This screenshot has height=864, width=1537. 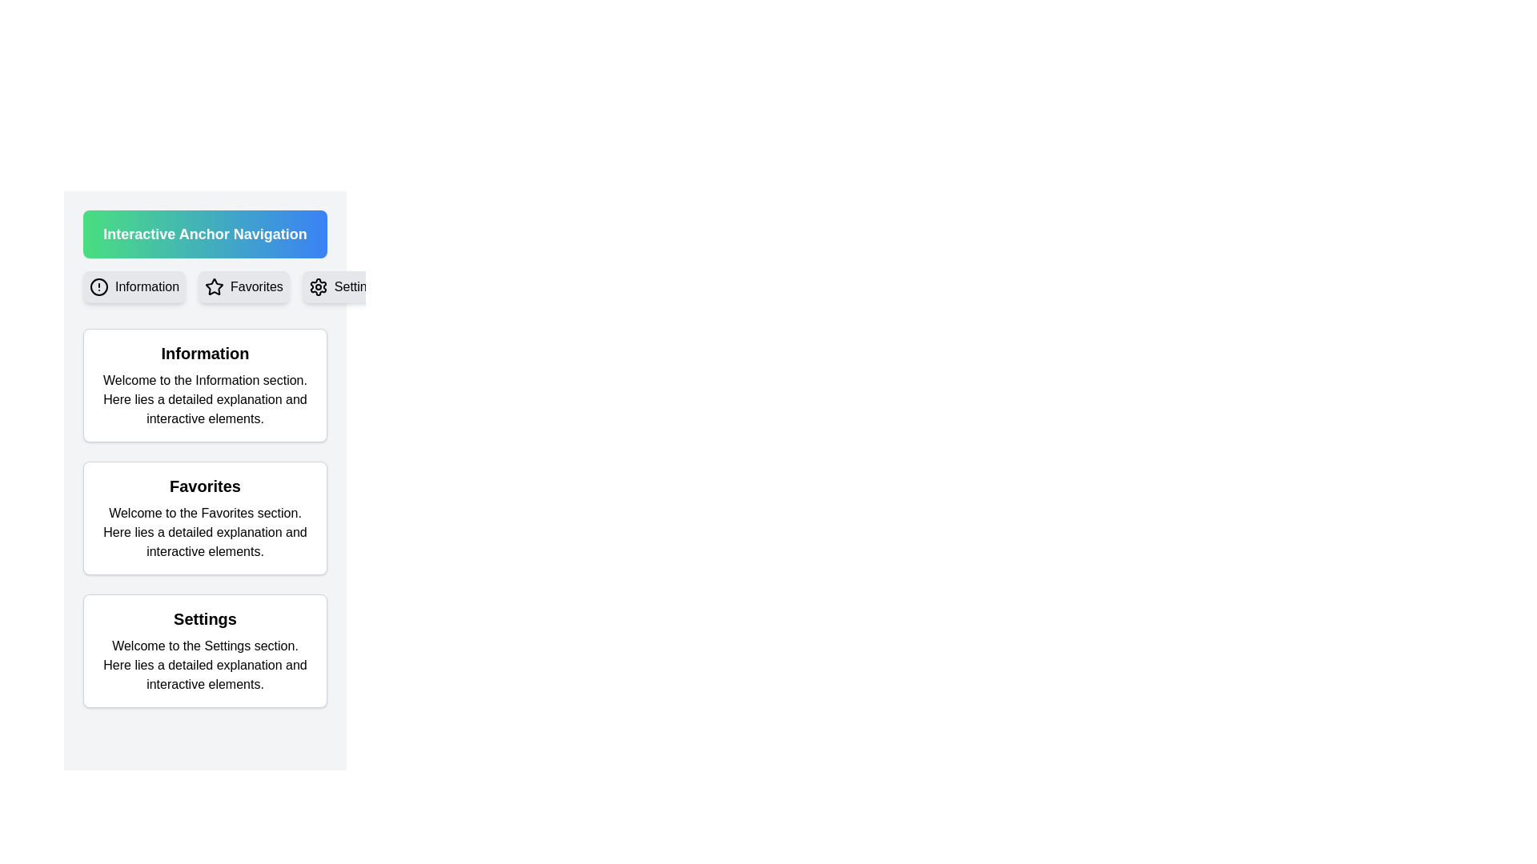 What do you see at coordinates (343, 286) in the screenshot?
I see `the rightmost button below the 'Interactive Anchor Navigation' header` at bounding box center [343, 286].